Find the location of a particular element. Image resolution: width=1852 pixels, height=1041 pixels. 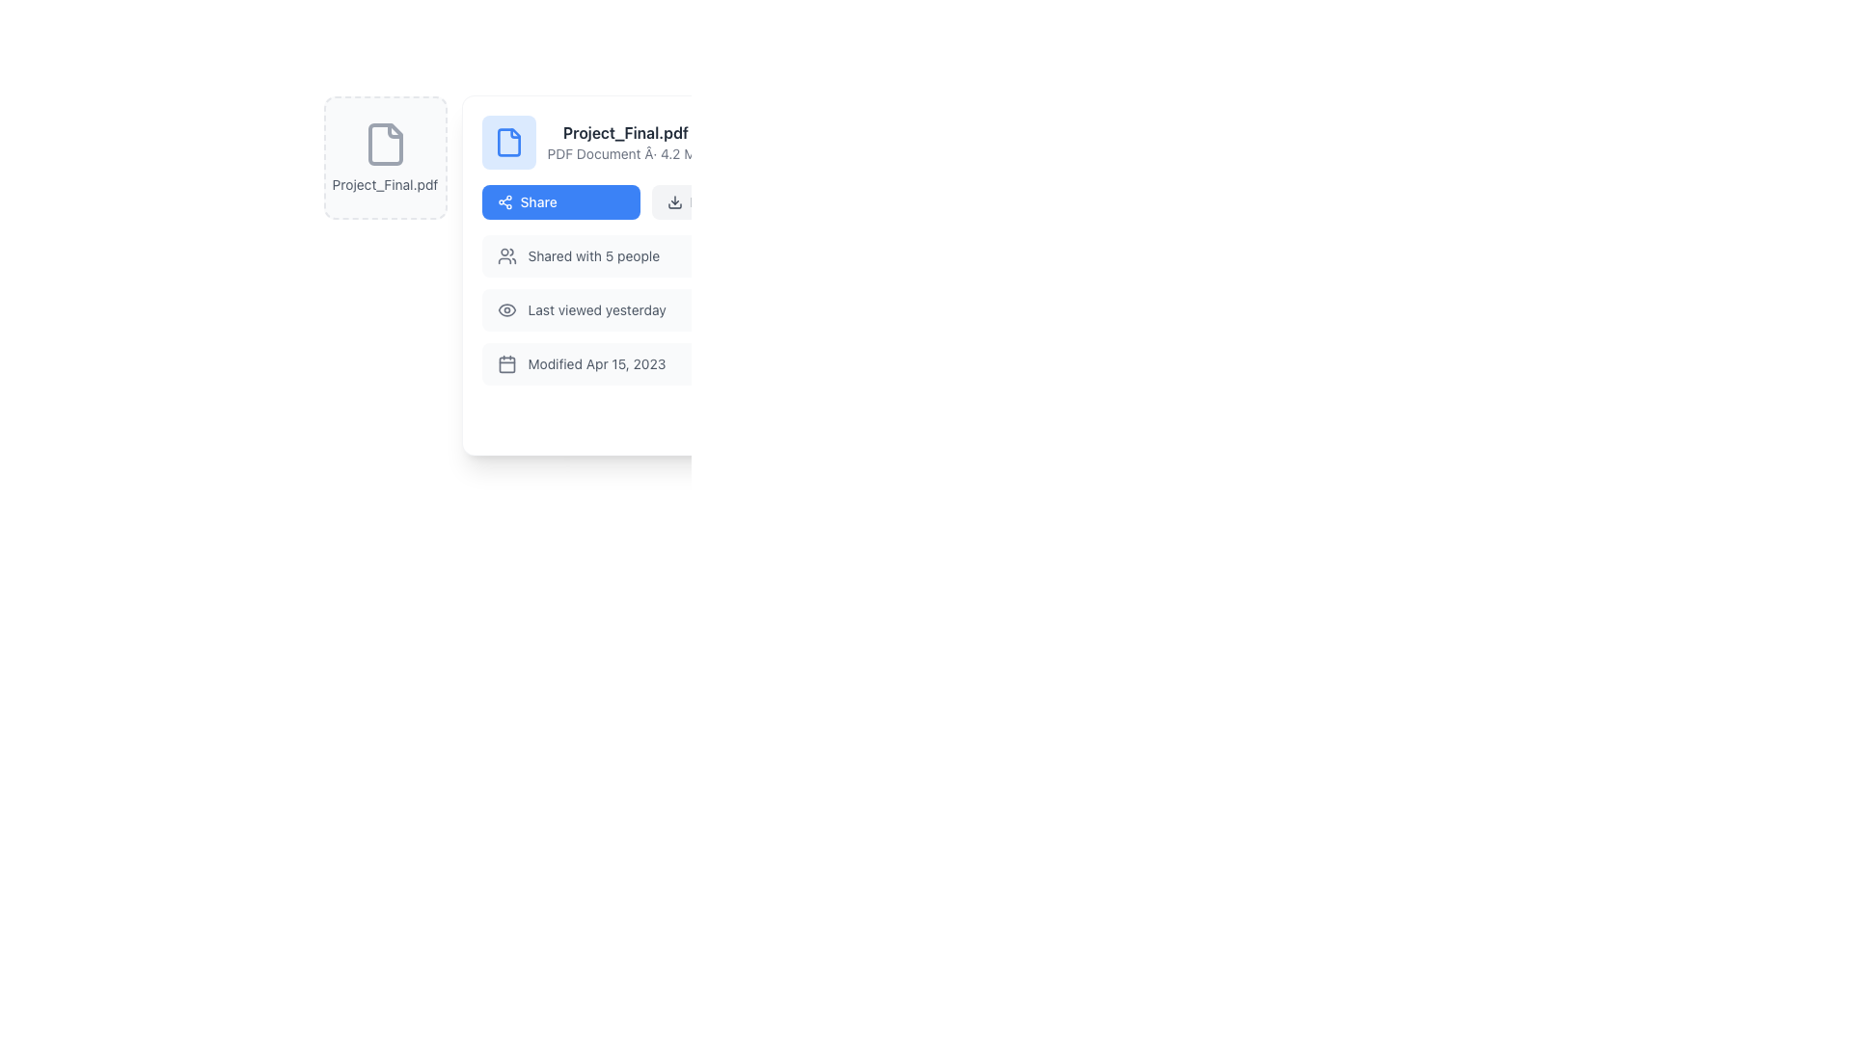

the static text label indicating the sharing status of the document, which specifies that it is shared with 5 people is located at coordinates (577, 255).